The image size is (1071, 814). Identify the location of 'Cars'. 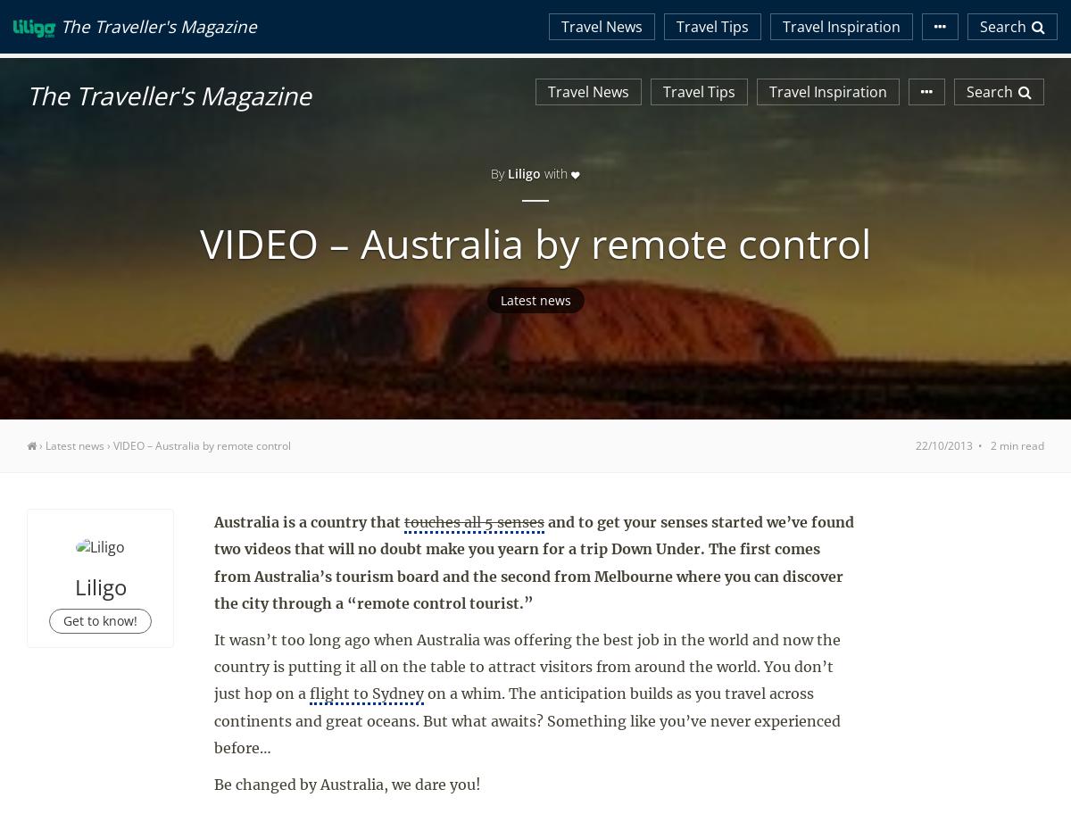
(921, 17).